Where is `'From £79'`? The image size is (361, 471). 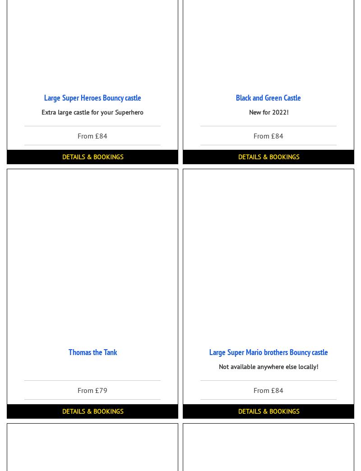 'From £79' is located at coordinates (77, 390).